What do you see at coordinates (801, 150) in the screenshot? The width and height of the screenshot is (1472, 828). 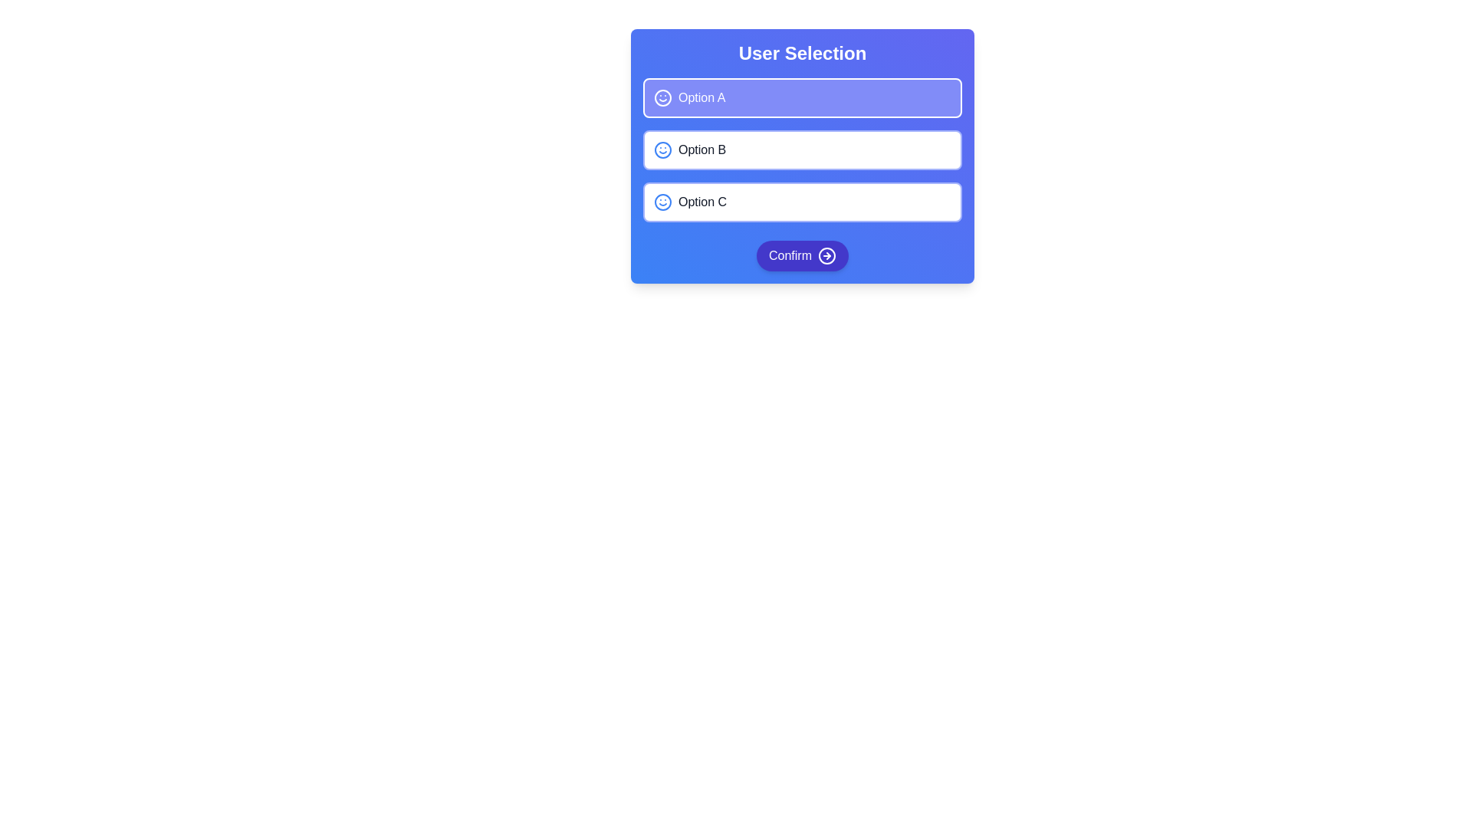 I see `one of the selectable button-style components labeled 'Option A', 'Option B', or 'Option C'` at bounding box center [801, 150].